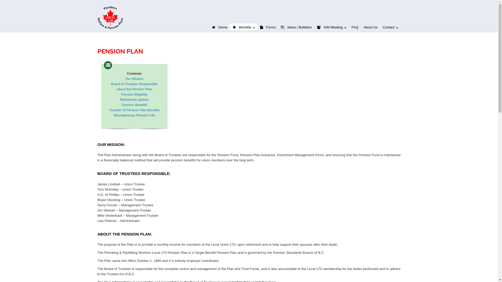  What do you see at coordinates (134, 89) in the screenshot?
I see `'About the Pension Plan'` at bounding box center [134, 89].